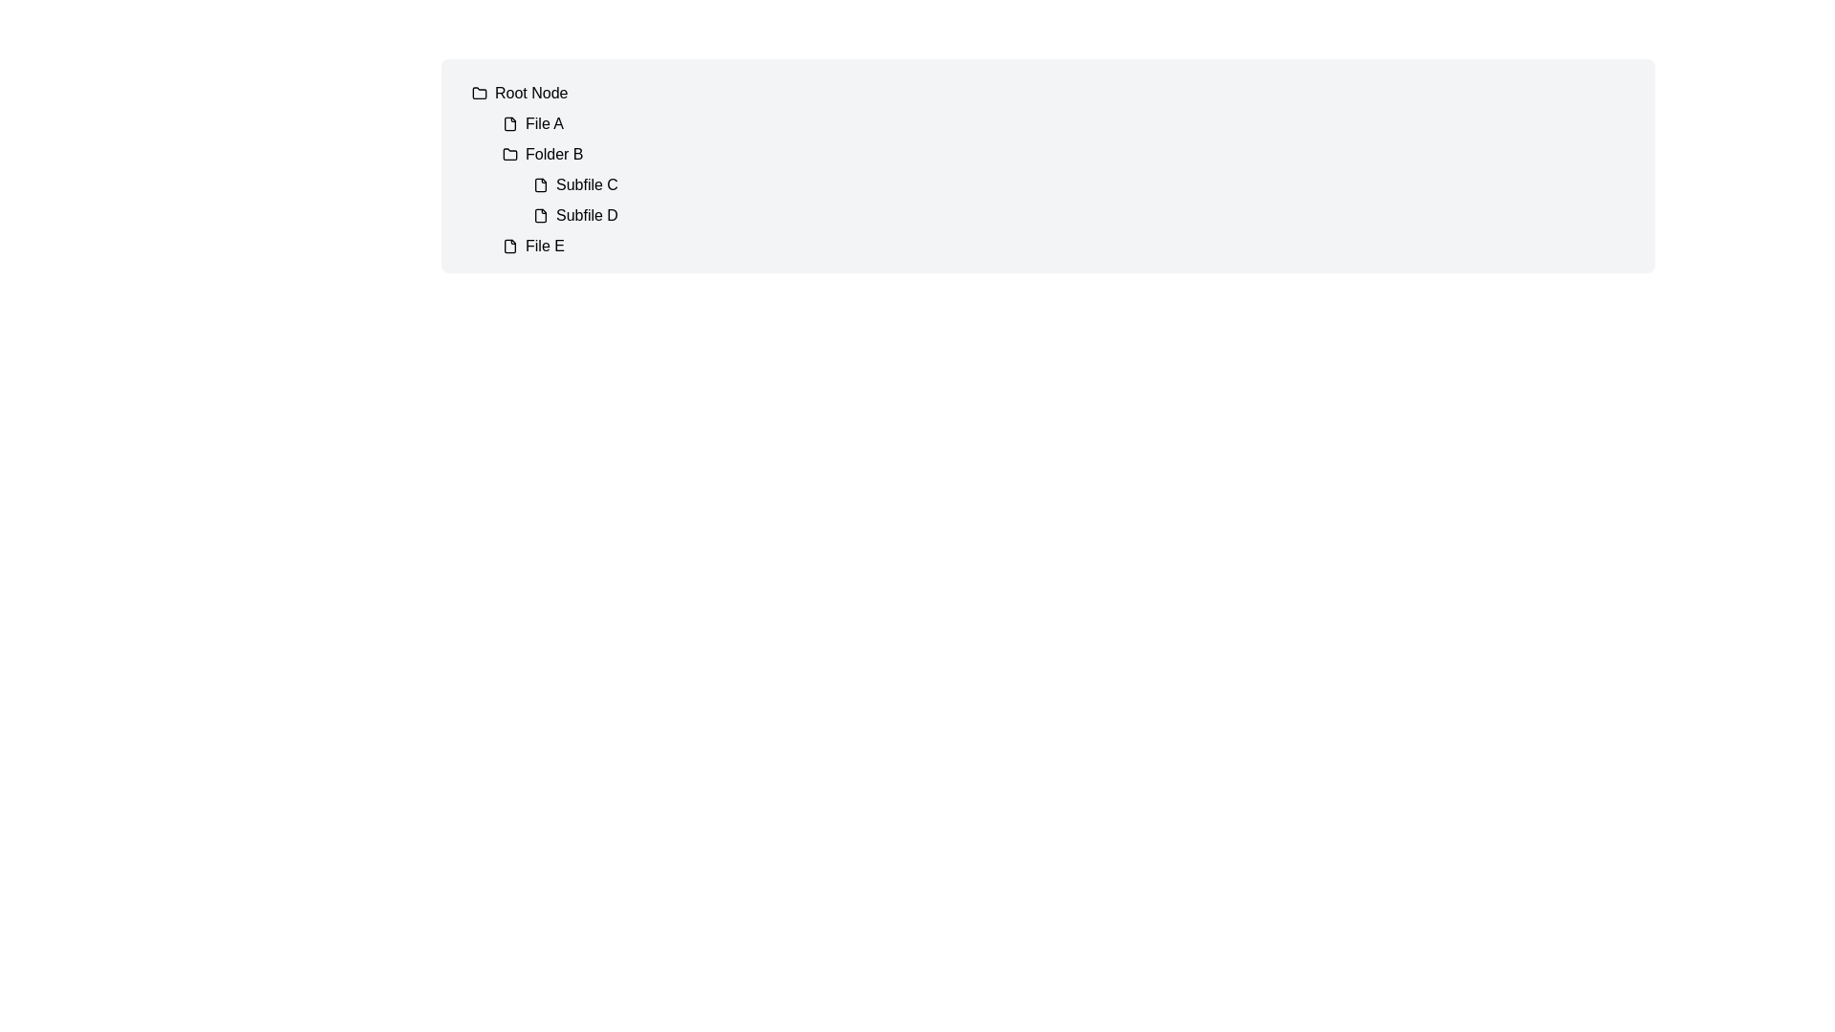 The width and height of the screenshot is (1835, 1032). What do you see at coordinates (509, 245) in the screenshot?
I see `the minimalist file icon located next to the 'File E' entry in the interface` at bounding box center [509, 245].